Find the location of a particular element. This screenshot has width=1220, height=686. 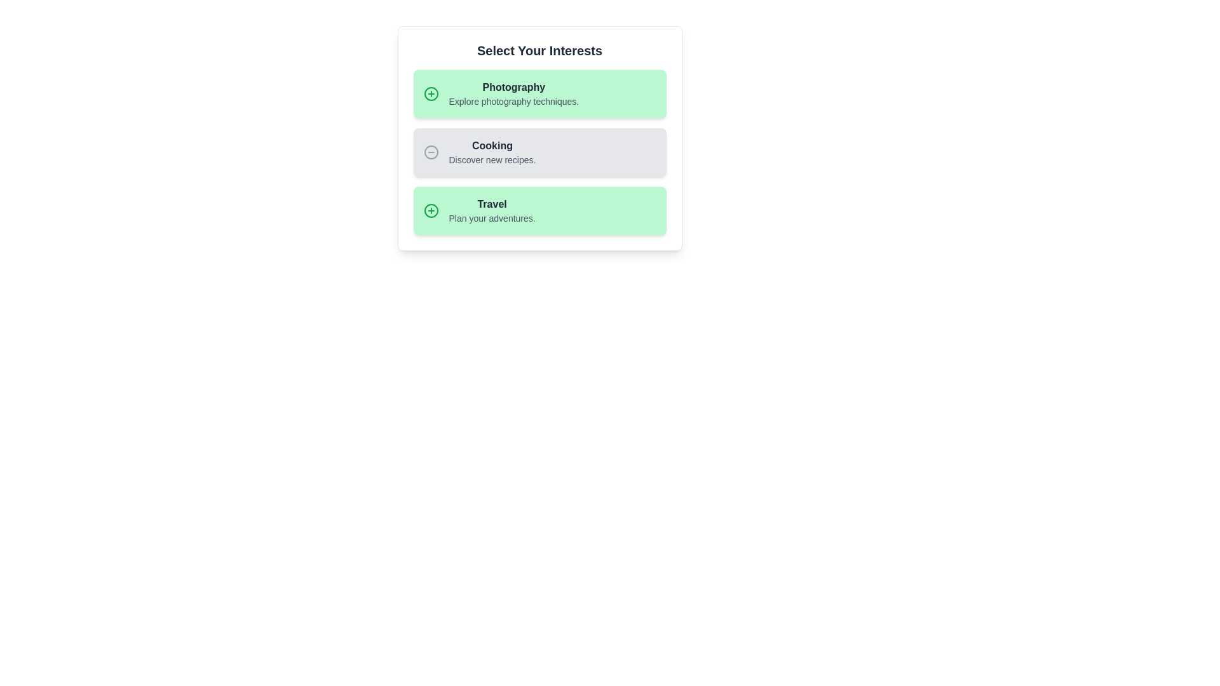

the interest Travel is located at coordinates (539, 210).